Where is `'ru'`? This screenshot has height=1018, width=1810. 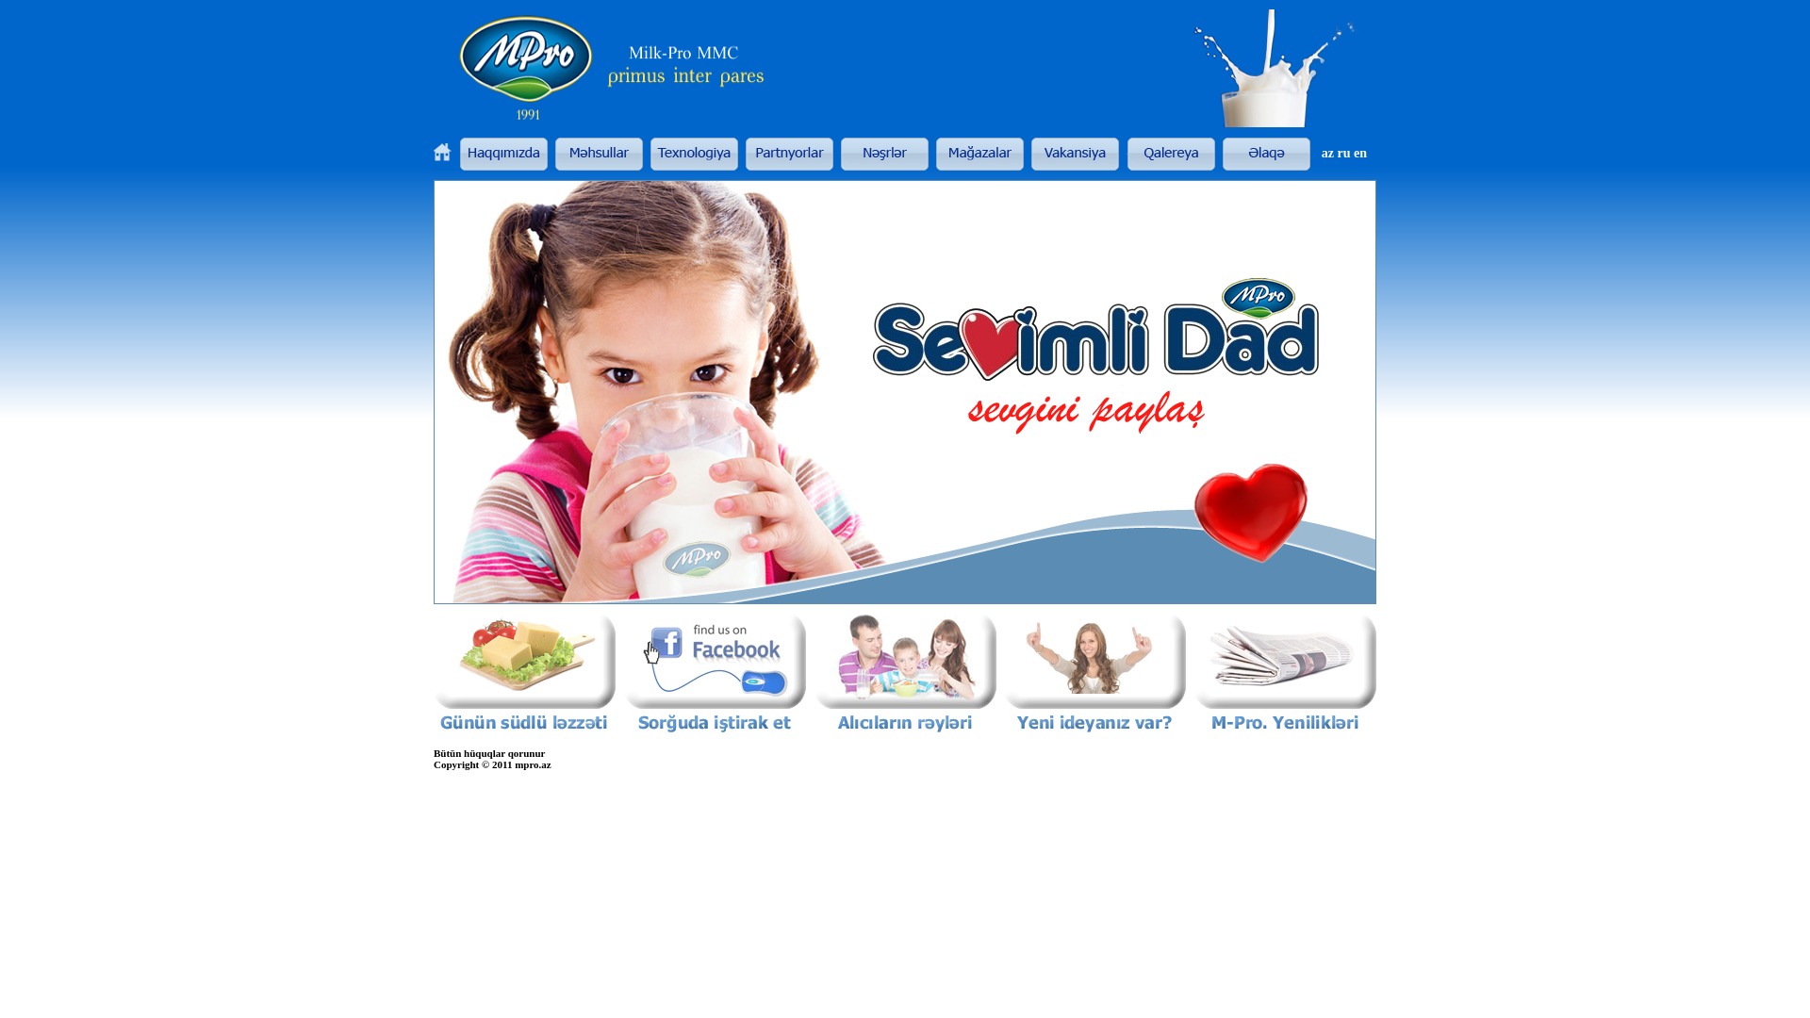
'ru' is located at coordinates (1335, 152).